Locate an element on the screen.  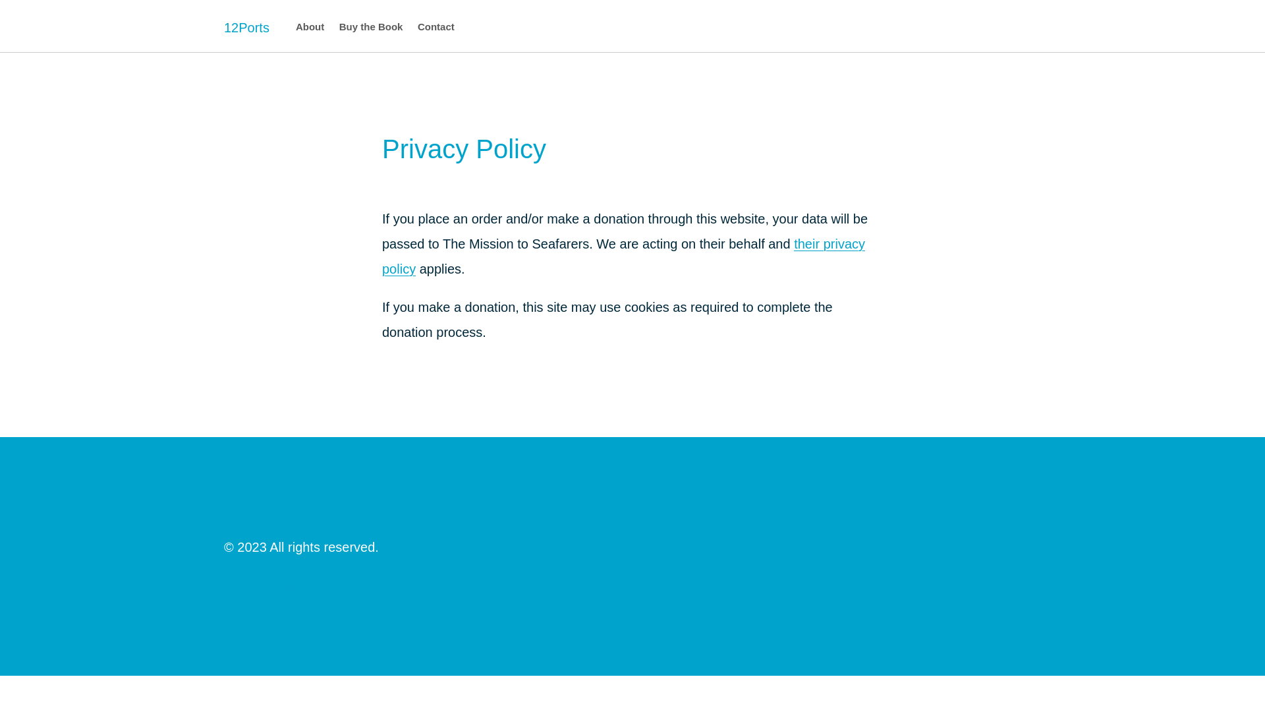
'their privacy policy' is located at coordinates (623, 256).